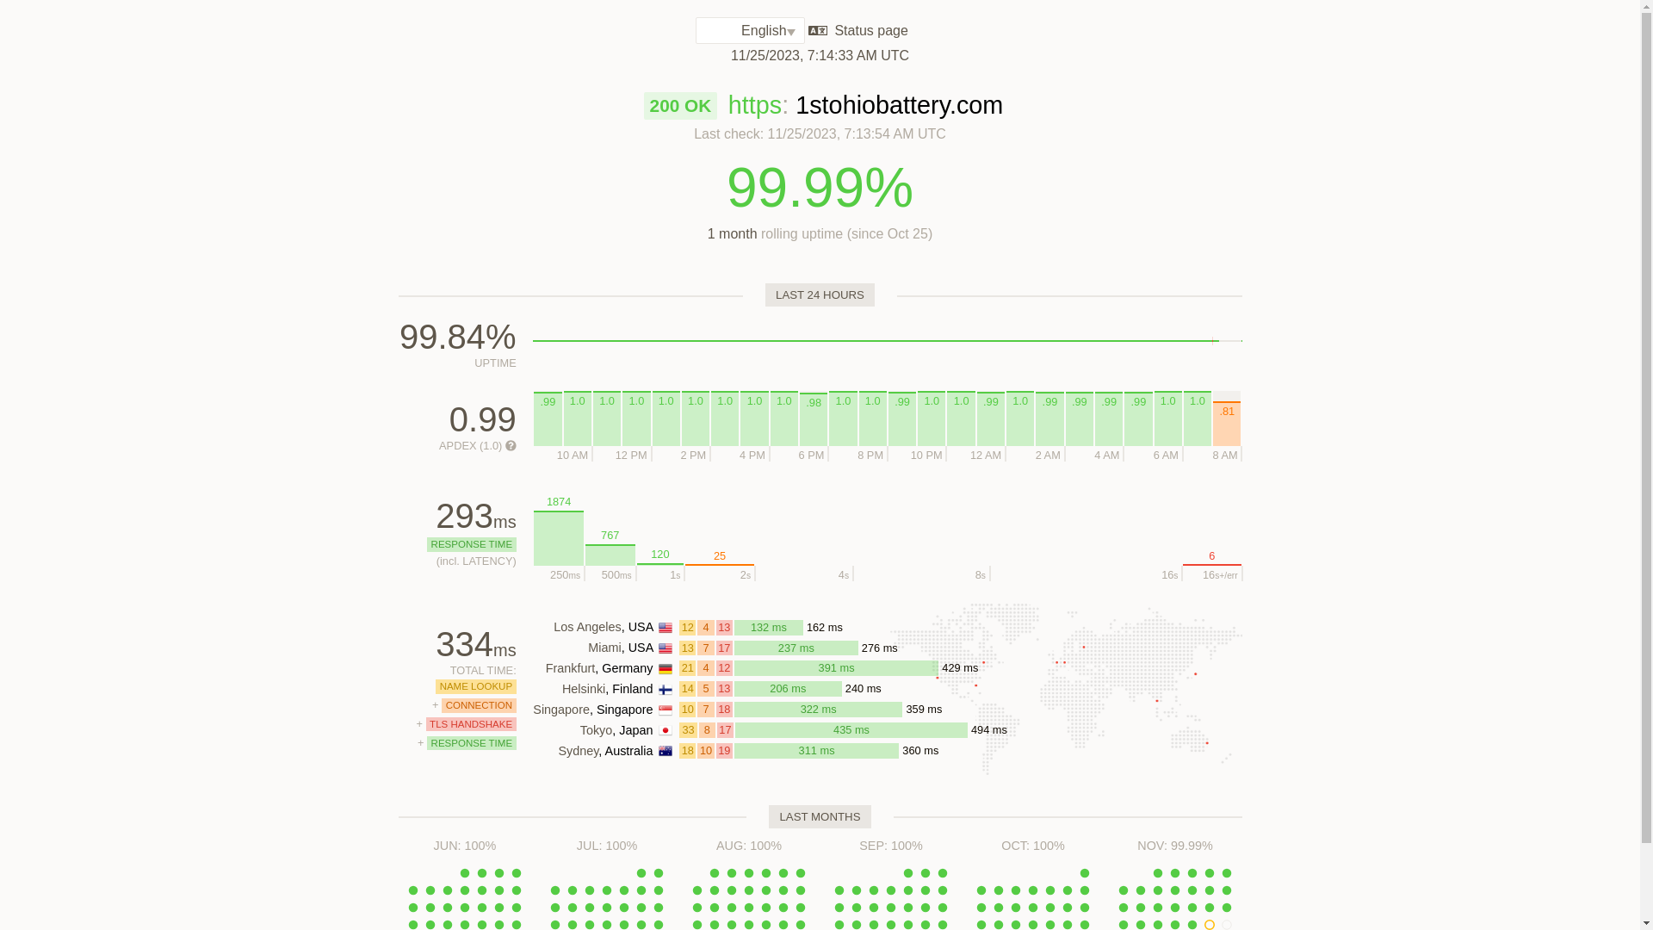  Describe the element at coordinates (447, 906) in the screenshot. I see `'<small>Jun 14:</small> No downtime'` at that location.